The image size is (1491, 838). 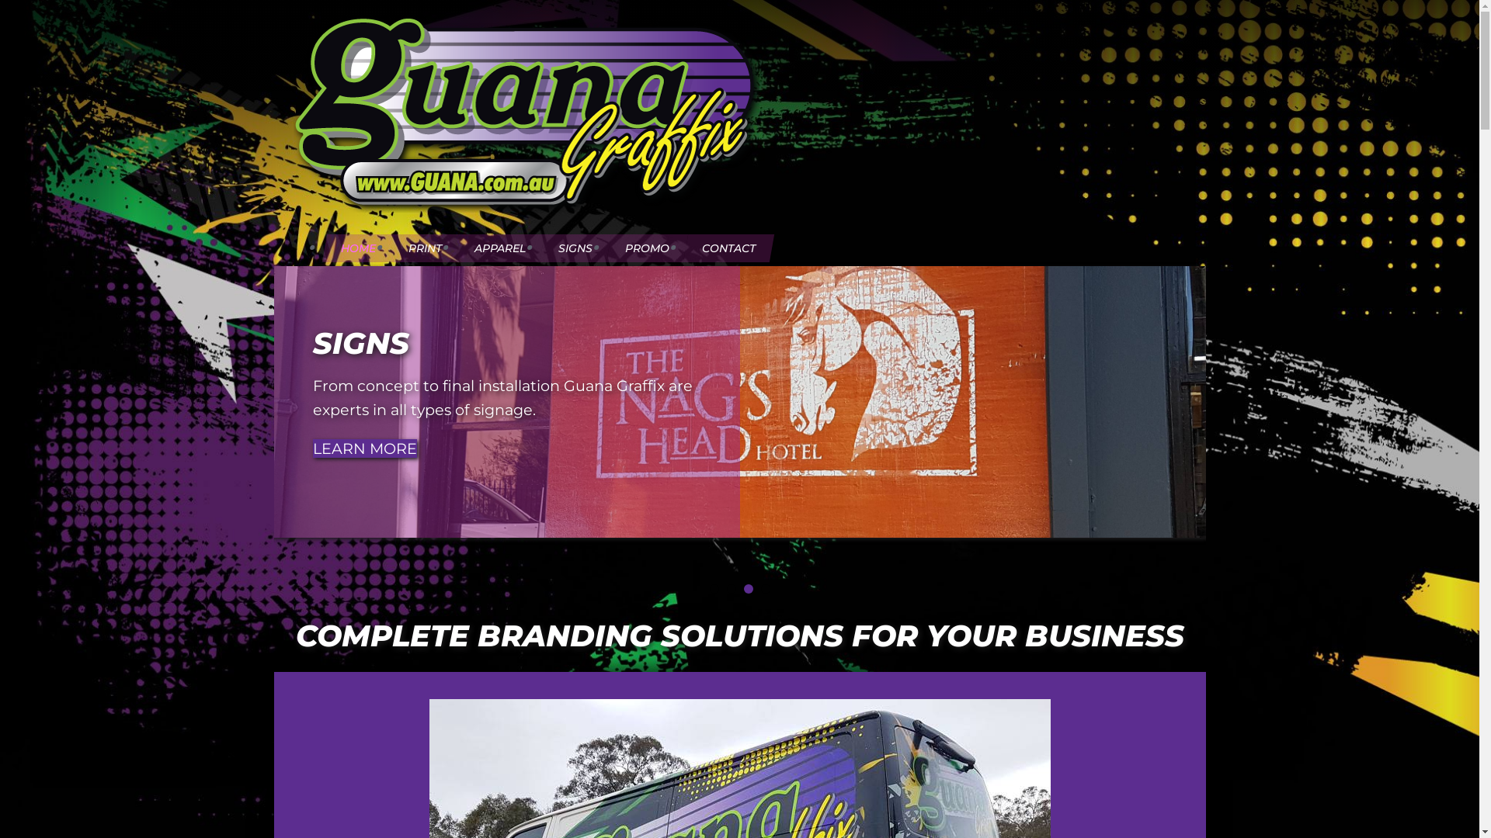 What do you see at coordinates (357, 248) in the screenshot?
I see `'HOME'` at bounding box center [357, 248].